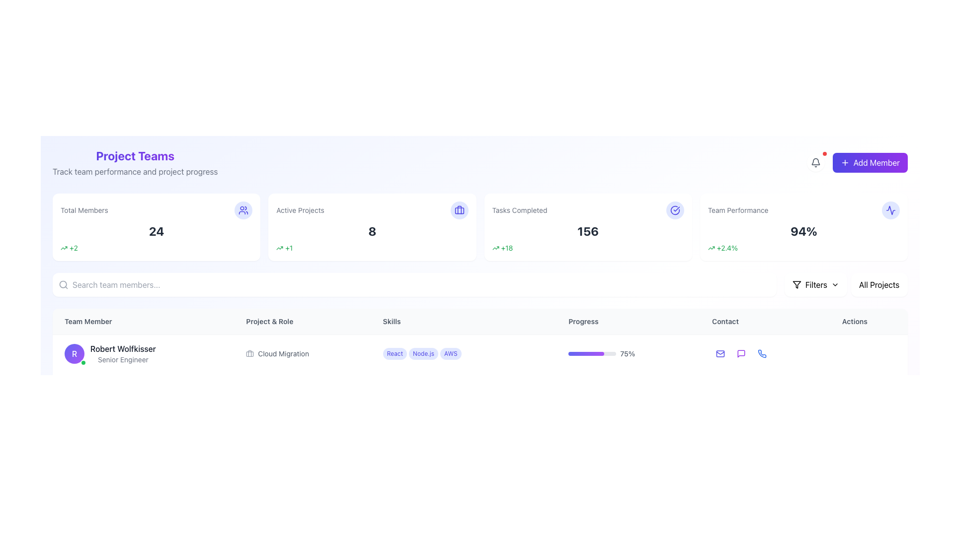 This screenshot has height=536, width=954. What do you see at coordinates (495, 248) in the screenshot?
I see `the small upward trending arrow icon with a green outline located to the left of the text '+18' in the 'Tasks Completed' card area within the dashboard interface` at bounding box center [495, 248].